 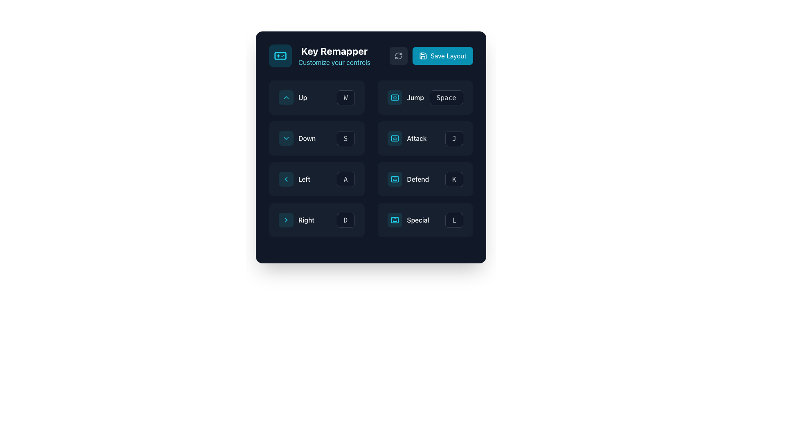 I want to click on the button labeled 'Attack' with a cyan keyboard icon, located in the center-right portion of the interface, so click(x=425, y=138).